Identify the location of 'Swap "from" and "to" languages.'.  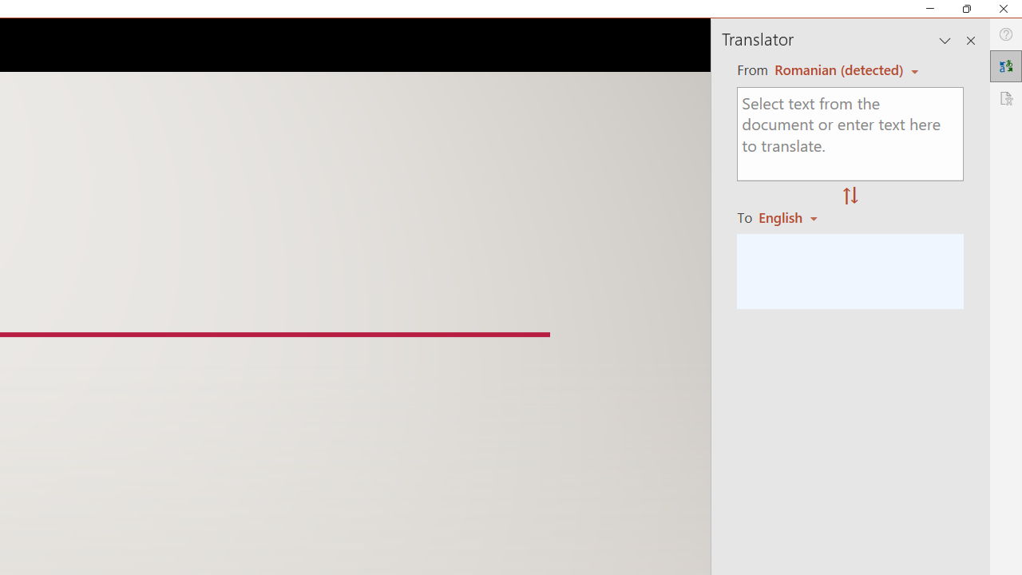
(850, 195).